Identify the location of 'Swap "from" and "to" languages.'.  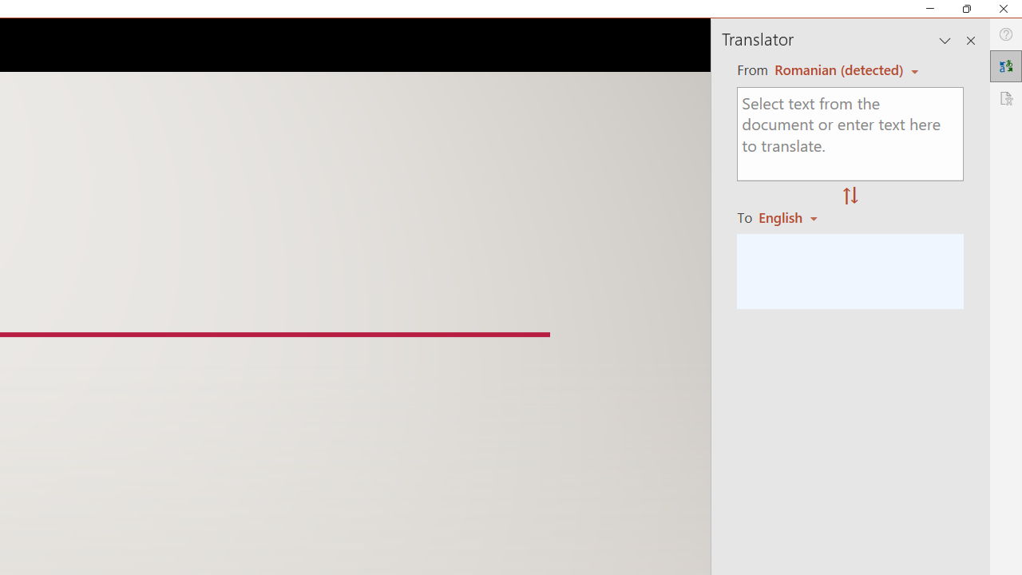
(850, 195).